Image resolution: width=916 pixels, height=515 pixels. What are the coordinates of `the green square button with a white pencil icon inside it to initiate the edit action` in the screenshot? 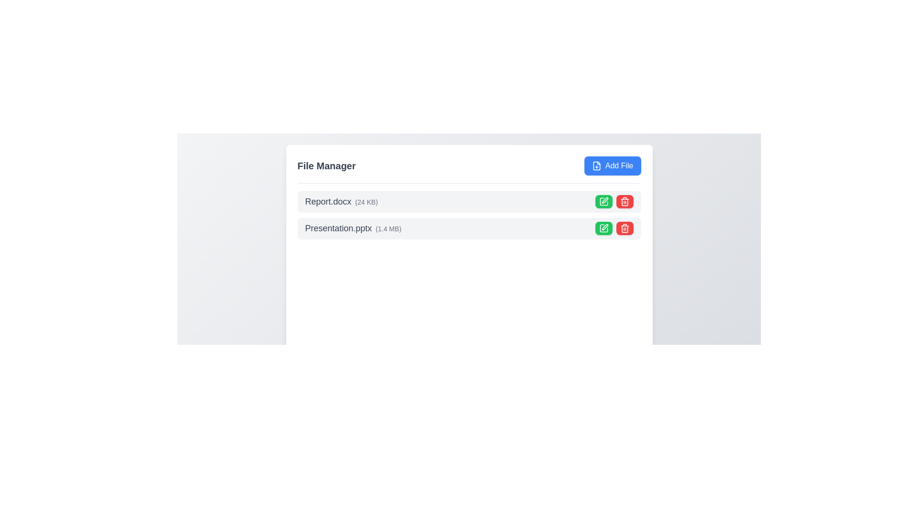 It's located at (603, 201).